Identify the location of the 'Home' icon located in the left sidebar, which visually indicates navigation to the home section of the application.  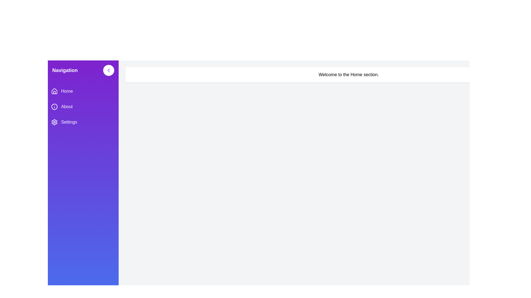
(54, 91).